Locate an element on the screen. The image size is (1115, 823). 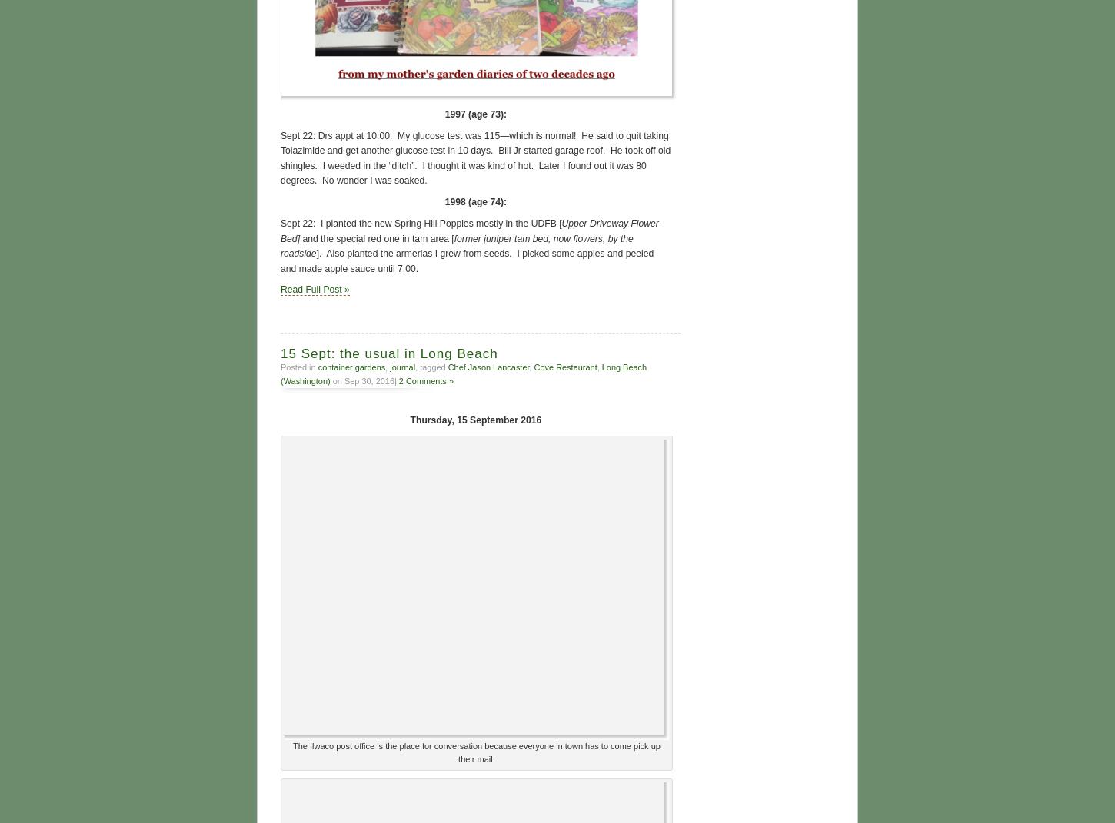
'The Ilwaco post office is the place for conversation because everyone in town has to come pick up their mail.' is located at coordinates (475, 750).